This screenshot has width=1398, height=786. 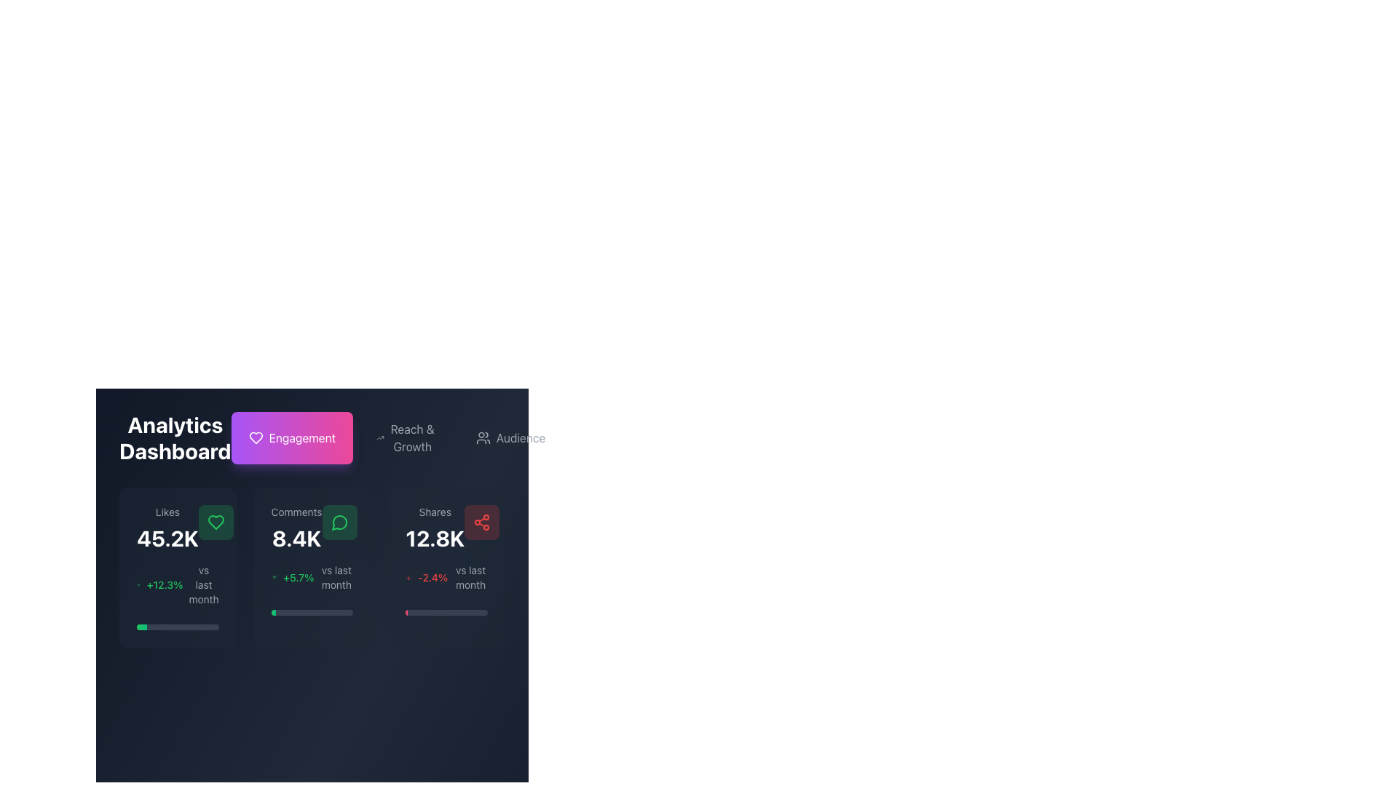 What do you see at coordinates (397, 437) in the screenshot?
I see `the 'Reach & Growth' button, which is a muted rectangular button located between 'Engagement' and 'Audience' in the navigation section` at bounding box center [397, 437].